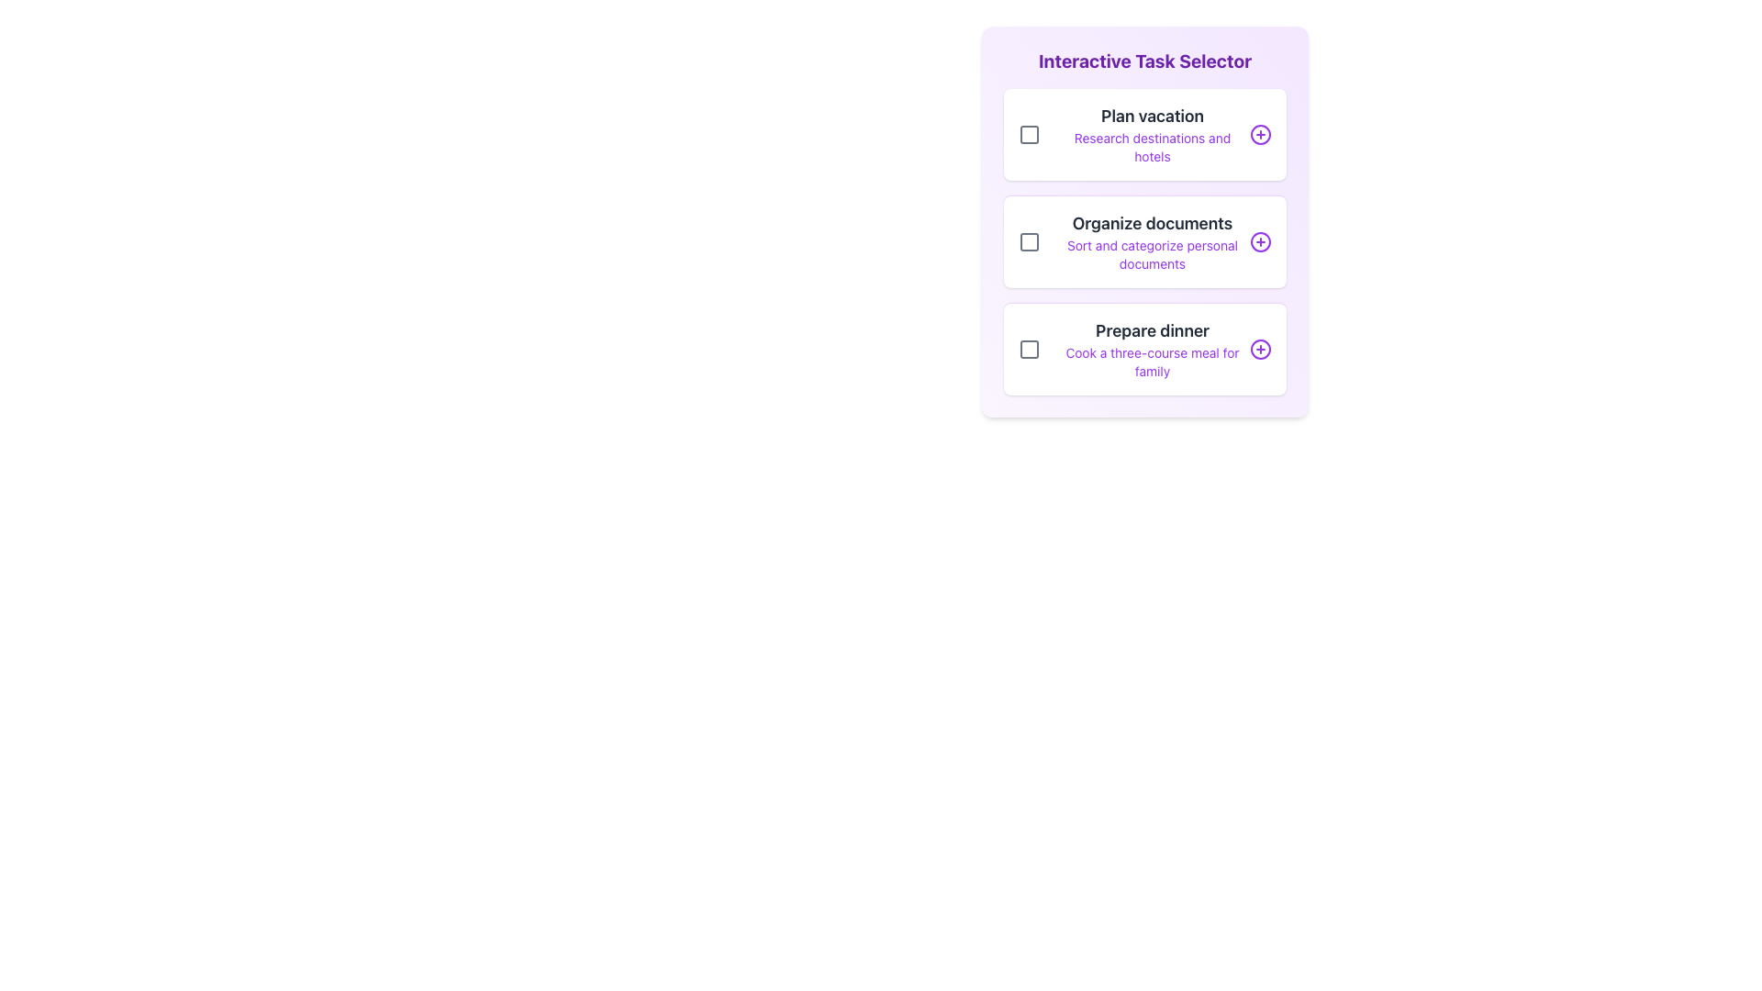  I want to click on the square-shaped checkbox with a thin gray border located to the left of the 'Prepare dinner' task label to check or uncheck it, so click(1030, 350).